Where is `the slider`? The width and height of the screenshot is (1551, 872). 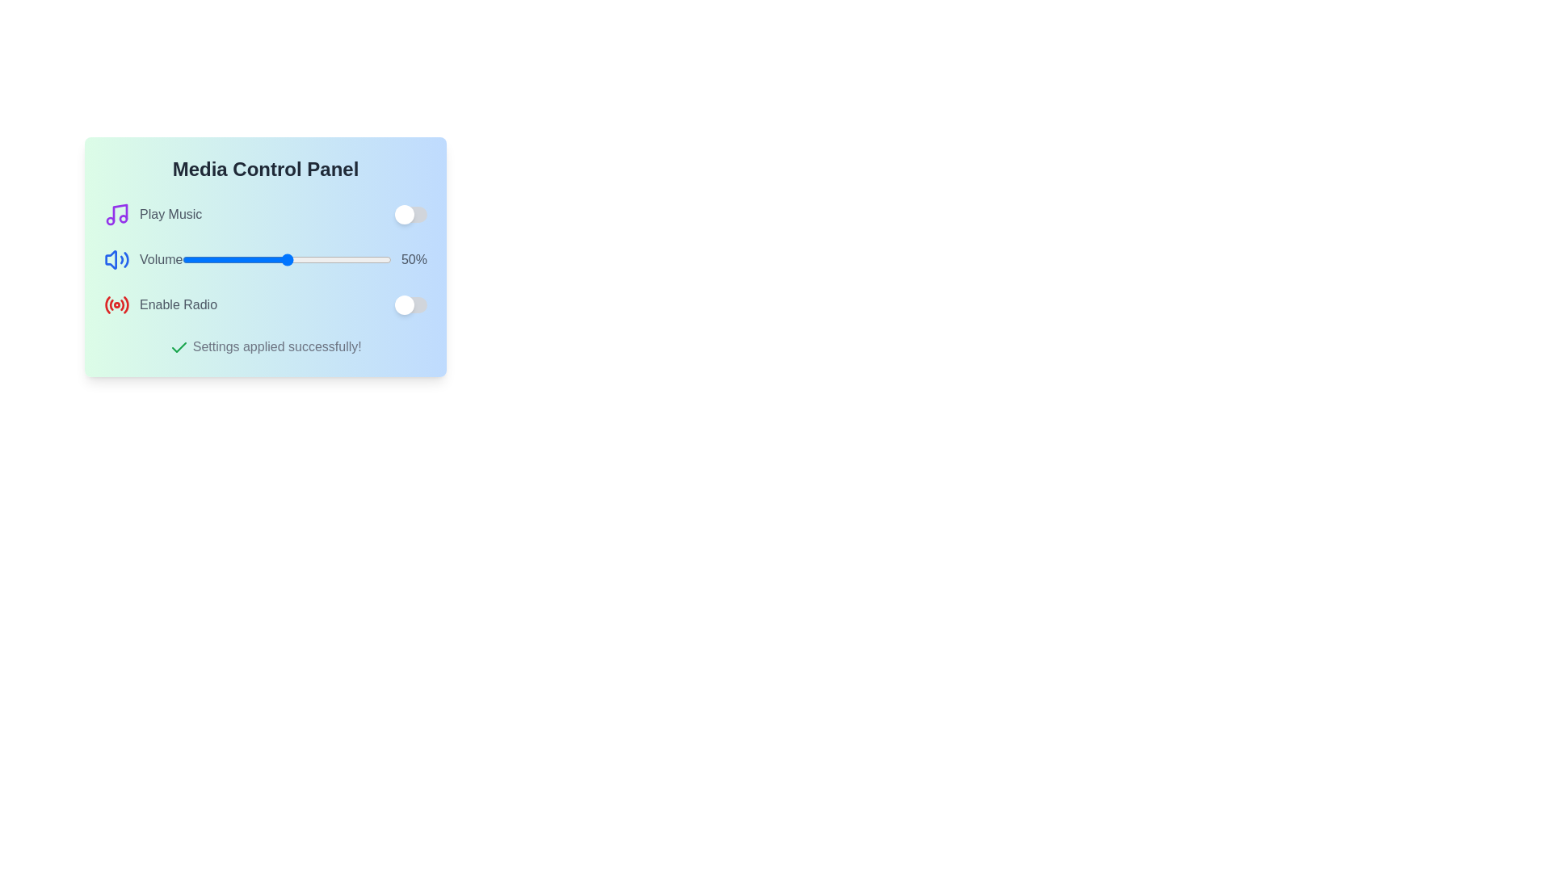 the slider is located at coordinates (215, 258).